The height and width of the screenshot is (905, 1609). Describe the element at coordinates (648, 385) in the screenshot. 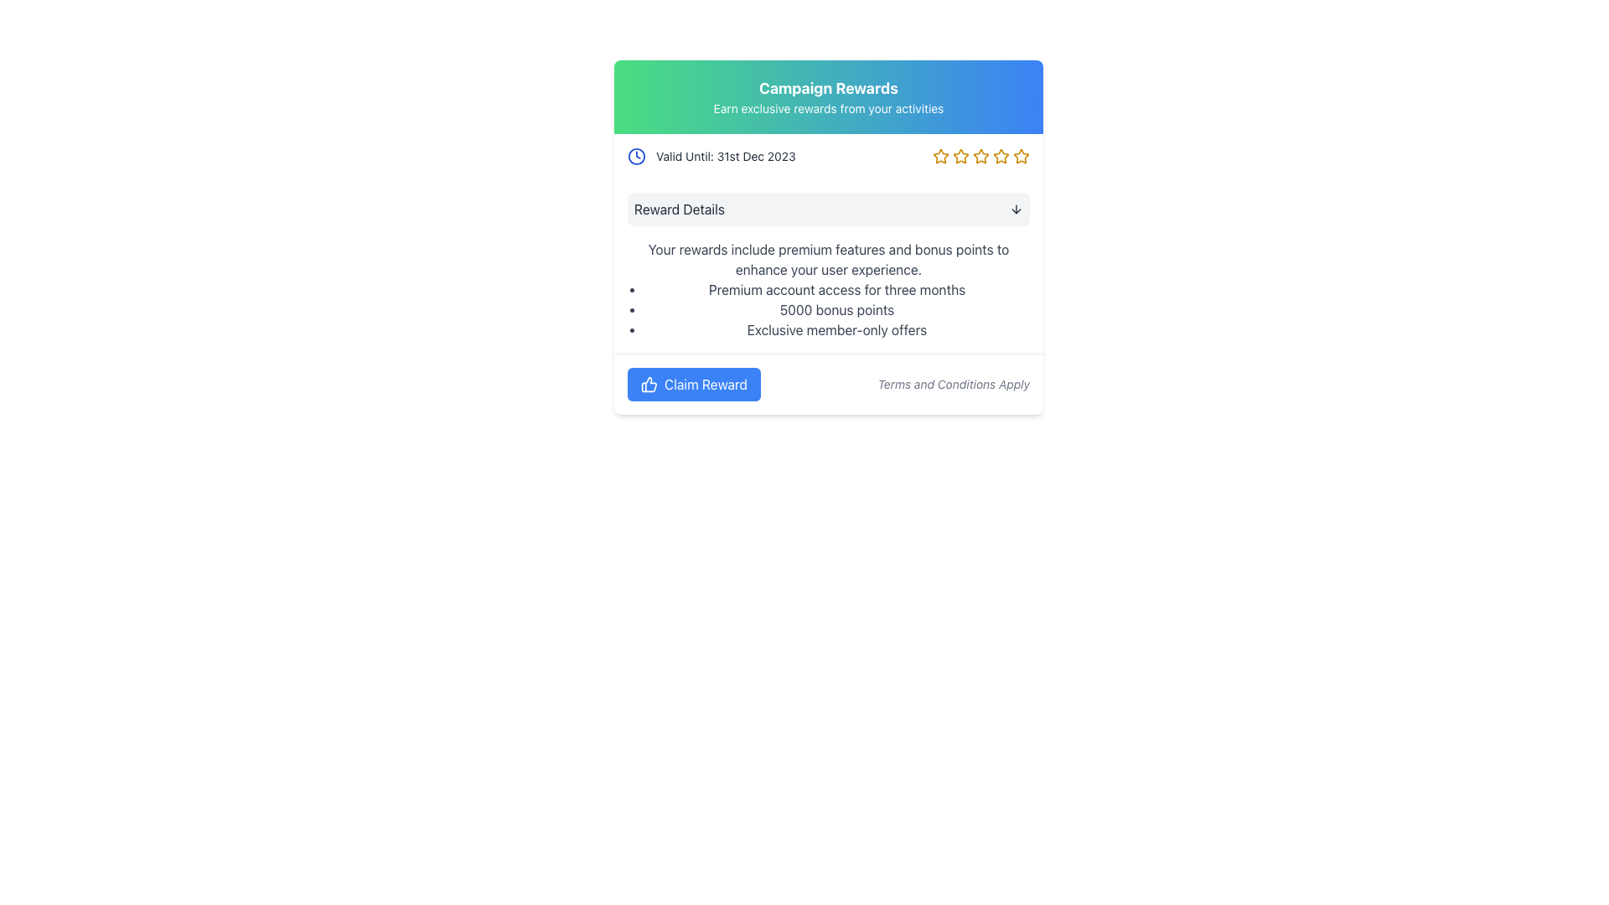

I see `the thumbs-up icon located in the bottom left corner of the 'Campaign Rewards' section to indicate support or approval` at that location.